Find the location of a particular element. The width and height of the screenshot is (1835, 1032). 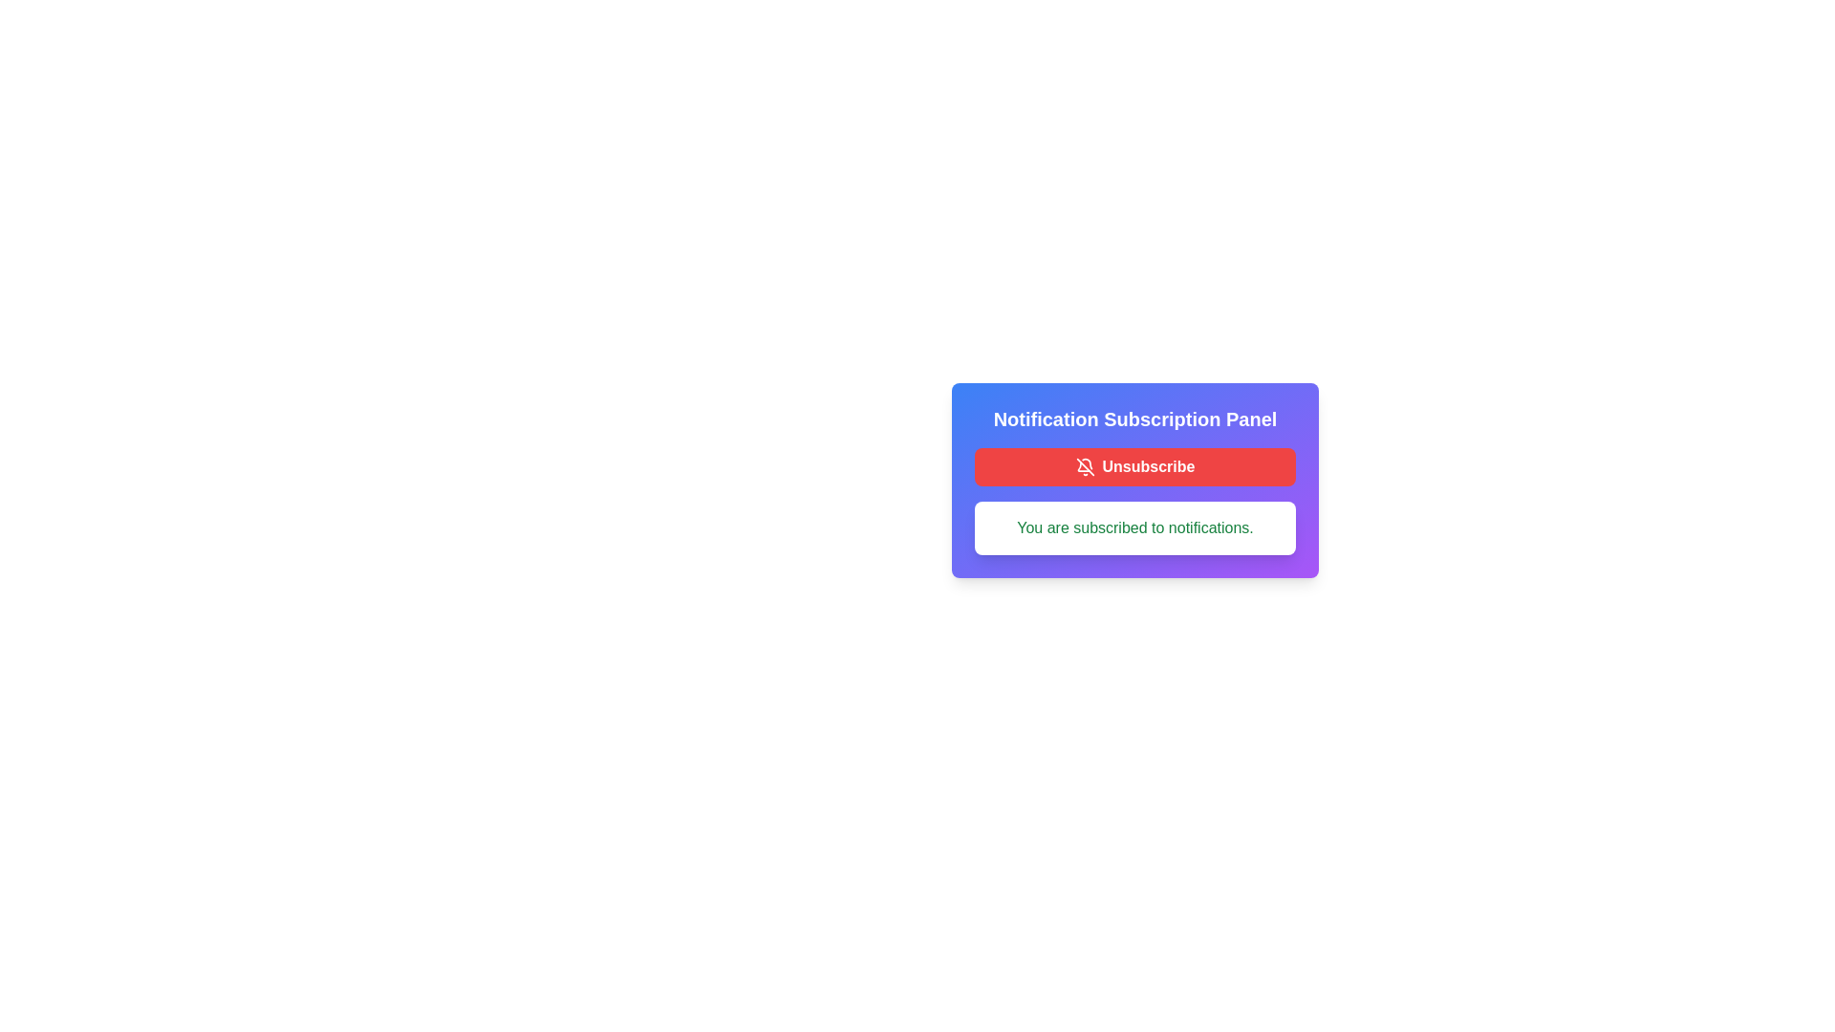

the 'Unsubscribe' button, which is represented by an icon to the left of the text label 'Unsubscribe', located within a prominent red button is located at coordinates (1085, 467).